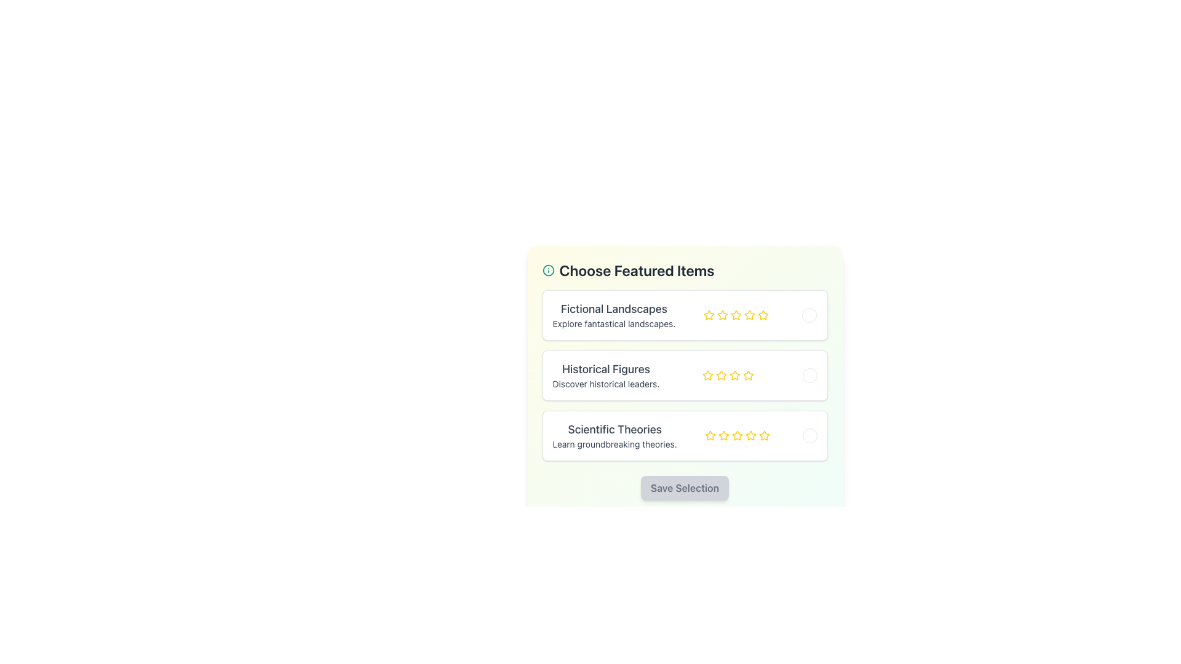  Describe the element at coordinates (684, 435) in the screenshot. I see `the selectable list item for 'Scientific Theories'` at that location.